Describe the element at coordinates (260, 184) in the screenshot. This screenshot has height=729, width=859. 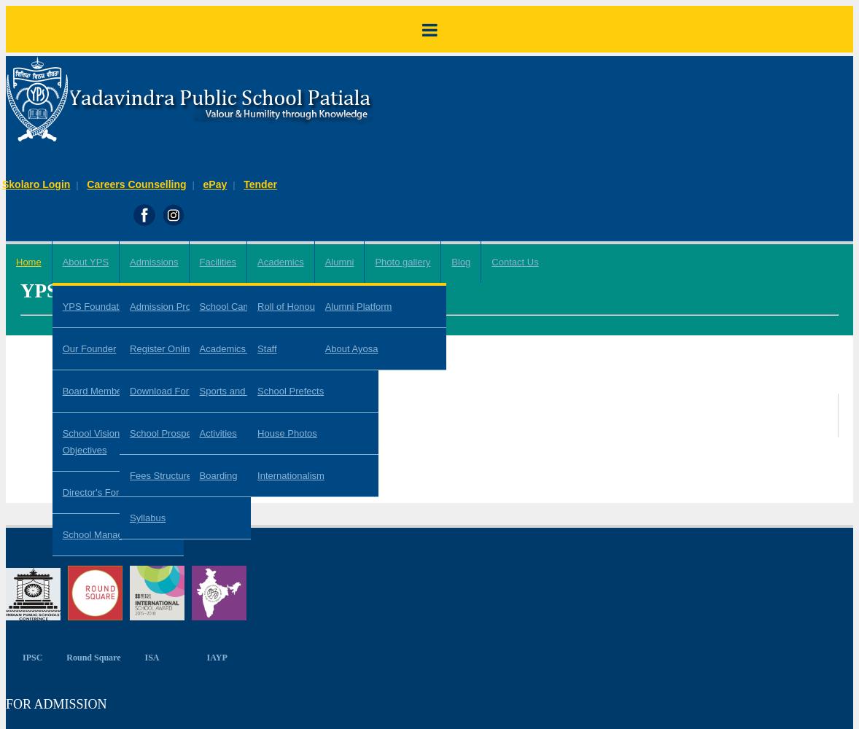
I see `'Tender'` at that location.